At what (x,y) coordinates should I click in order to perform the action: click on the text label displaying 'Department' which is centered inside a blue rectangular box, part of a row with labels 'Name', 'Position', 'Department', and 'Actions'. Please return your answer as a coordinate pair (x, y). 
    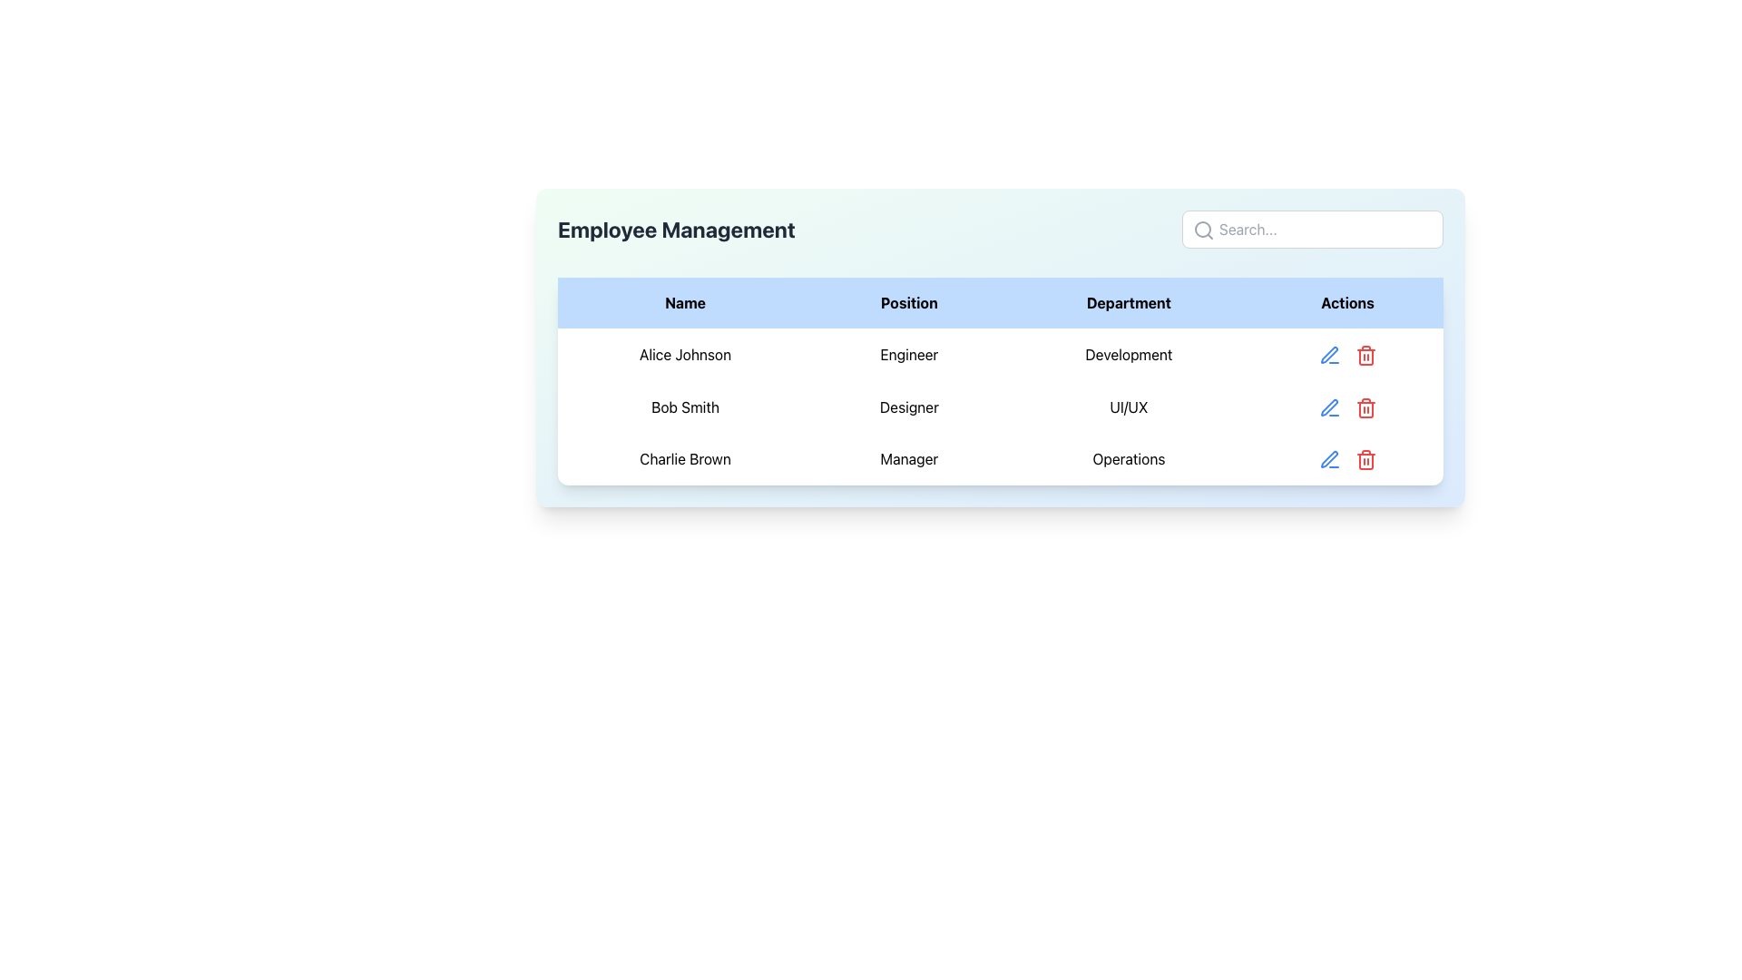
    Looking at the image, I should click on (1128, 302).